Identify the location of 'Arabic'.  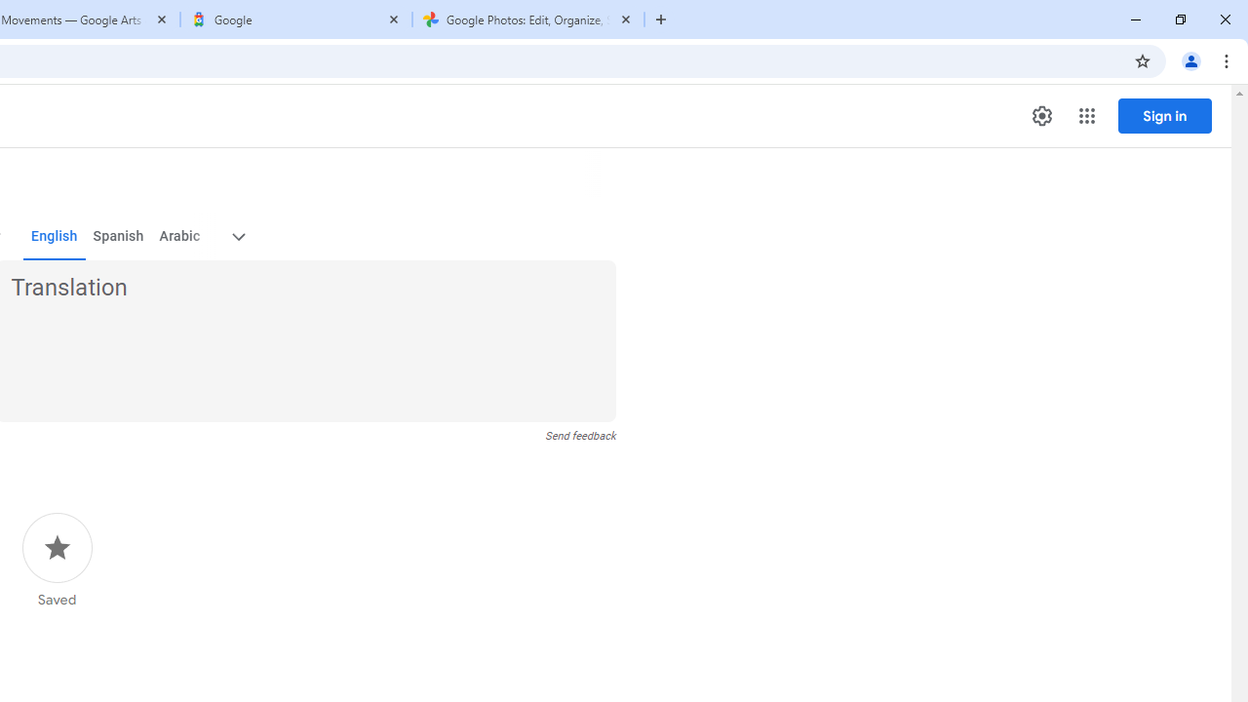
(178, 236).